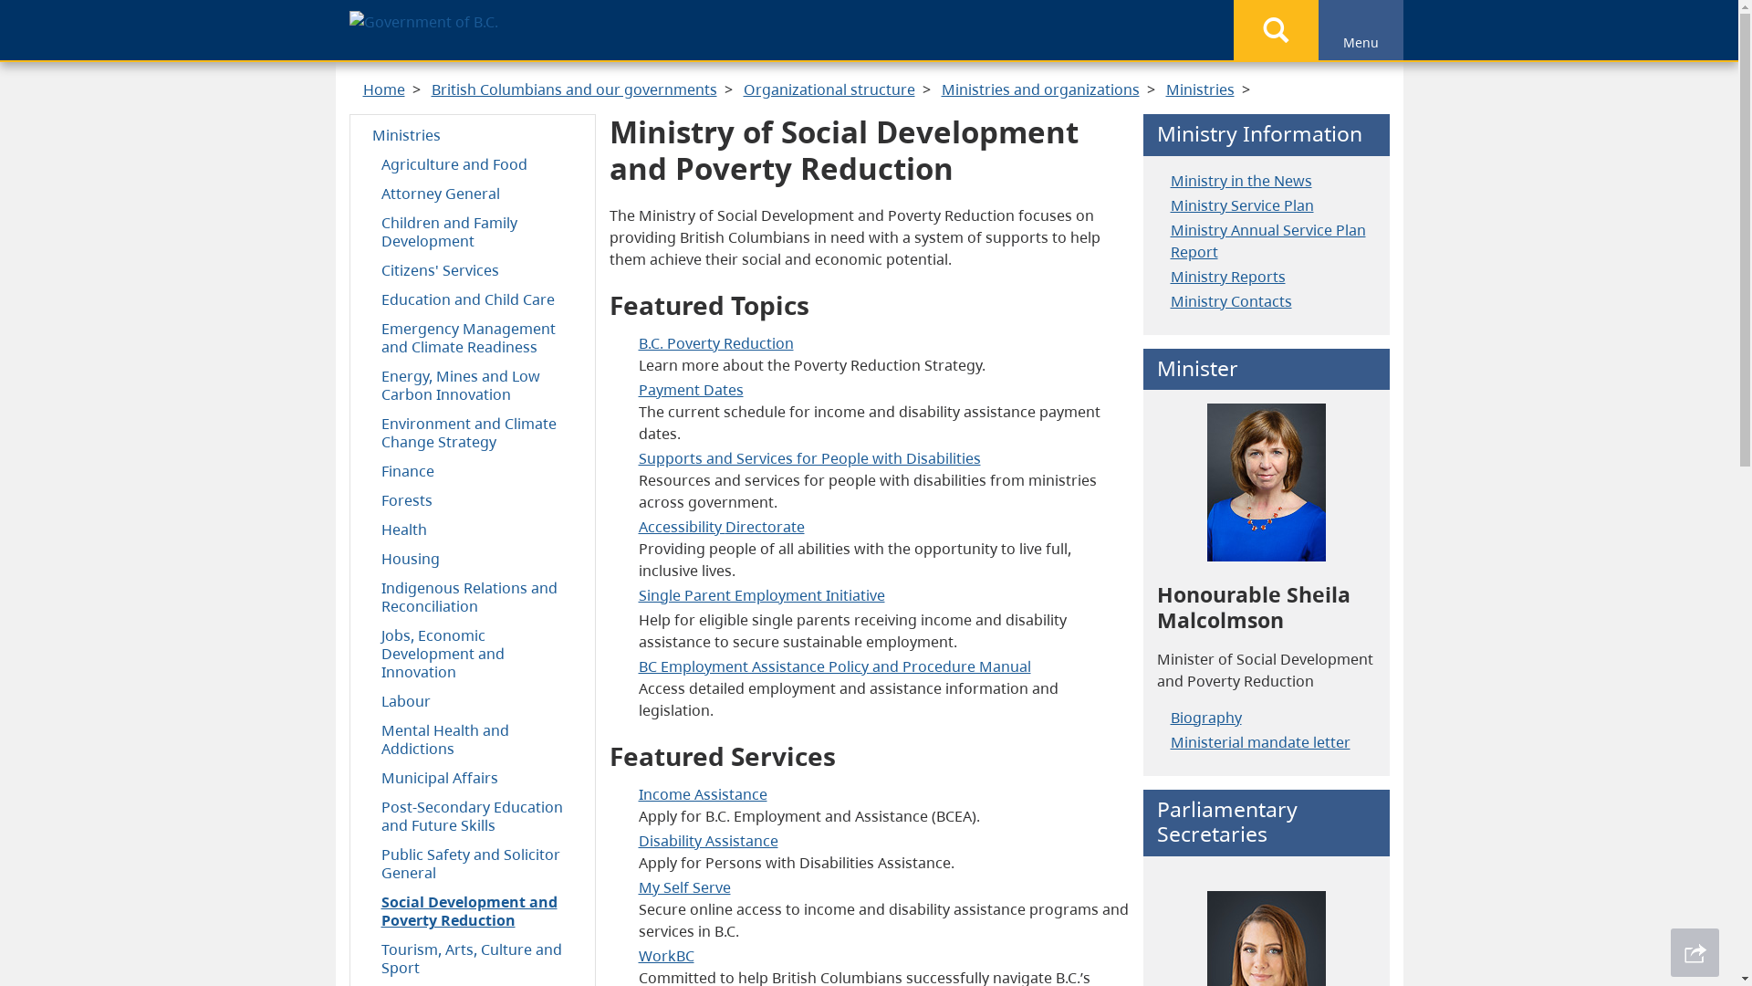 This screenshot has width=1752, height=986. I want to click on 'Finance', so click(473, 469).